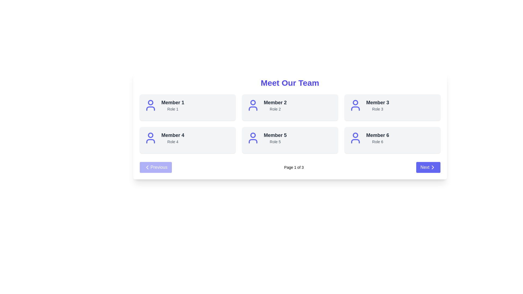 This screenshot has width=523, height=294. Describe the element at coordinates (290, 83) in the screenshot. I see `the welcoming Text Heading that describes the team member section` at that location.